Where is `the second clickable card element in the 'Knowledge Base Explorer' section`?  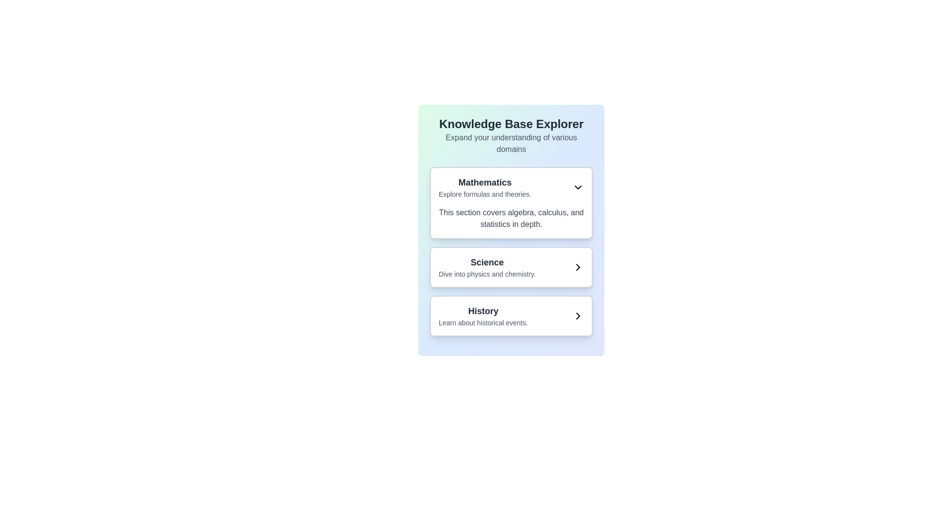
the second clickable card element in the 'Knowledge Base Explorer' section is located at coordinates (511, 267).